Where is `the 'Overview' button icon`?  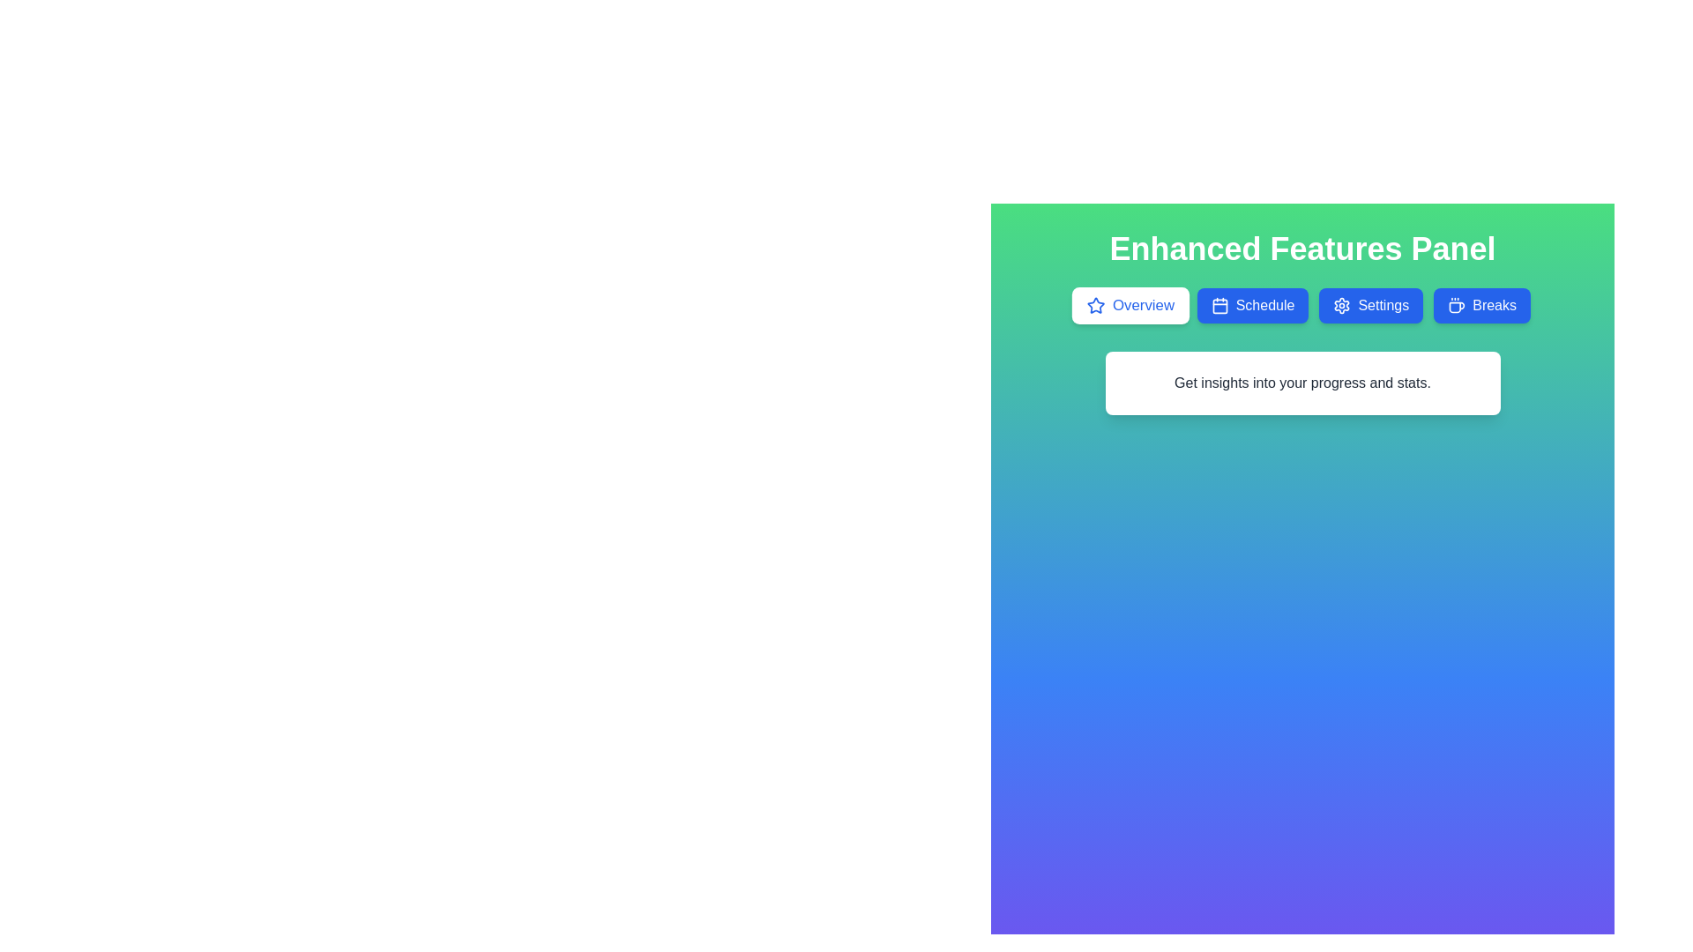 the 'Overview' button icon is located at coordinates (1095, 305).